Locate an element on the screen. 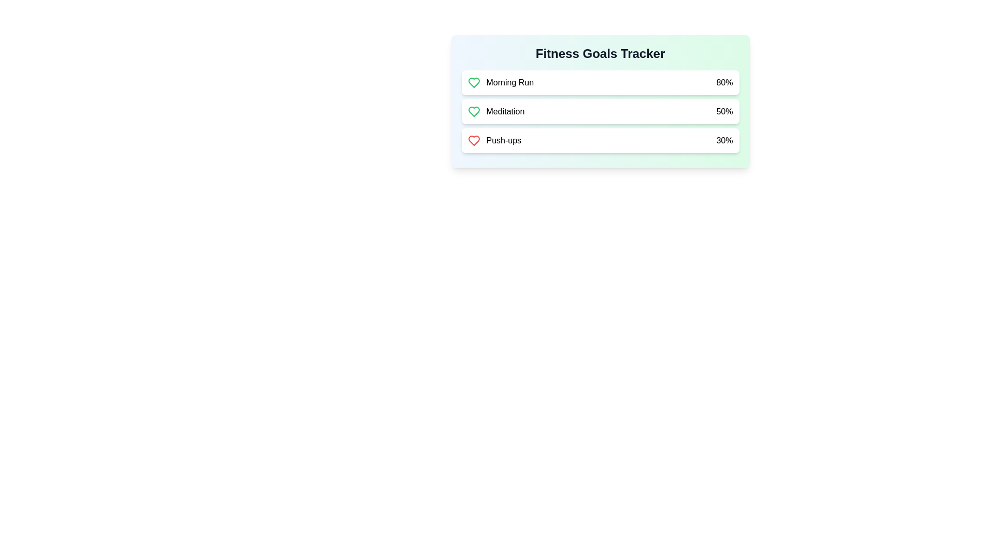 This screenshot has height=559, width=995. the static text component that serves as the header for fitness-related activities, indicating the purpose of the content below it is located at coordinates (600, 54).